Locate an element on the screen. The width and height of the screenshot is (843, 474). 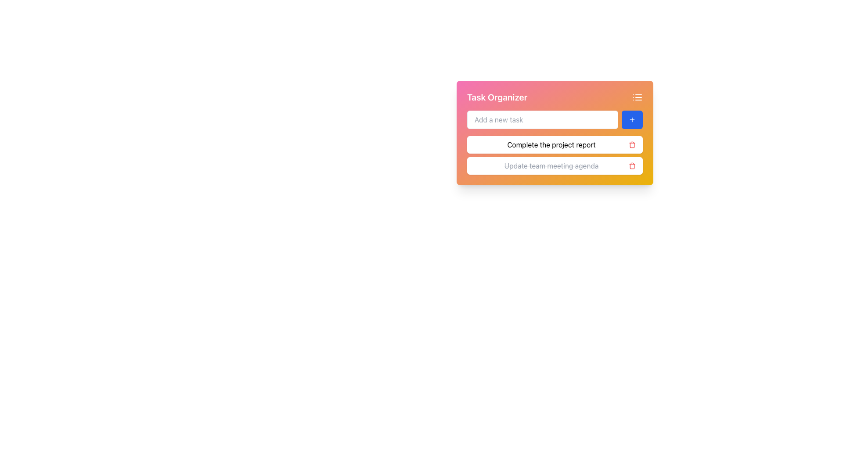
the plus sign icon inside the blue circular button adjacent to the 'Add a new task' input field is located at coordinates (632, 120).